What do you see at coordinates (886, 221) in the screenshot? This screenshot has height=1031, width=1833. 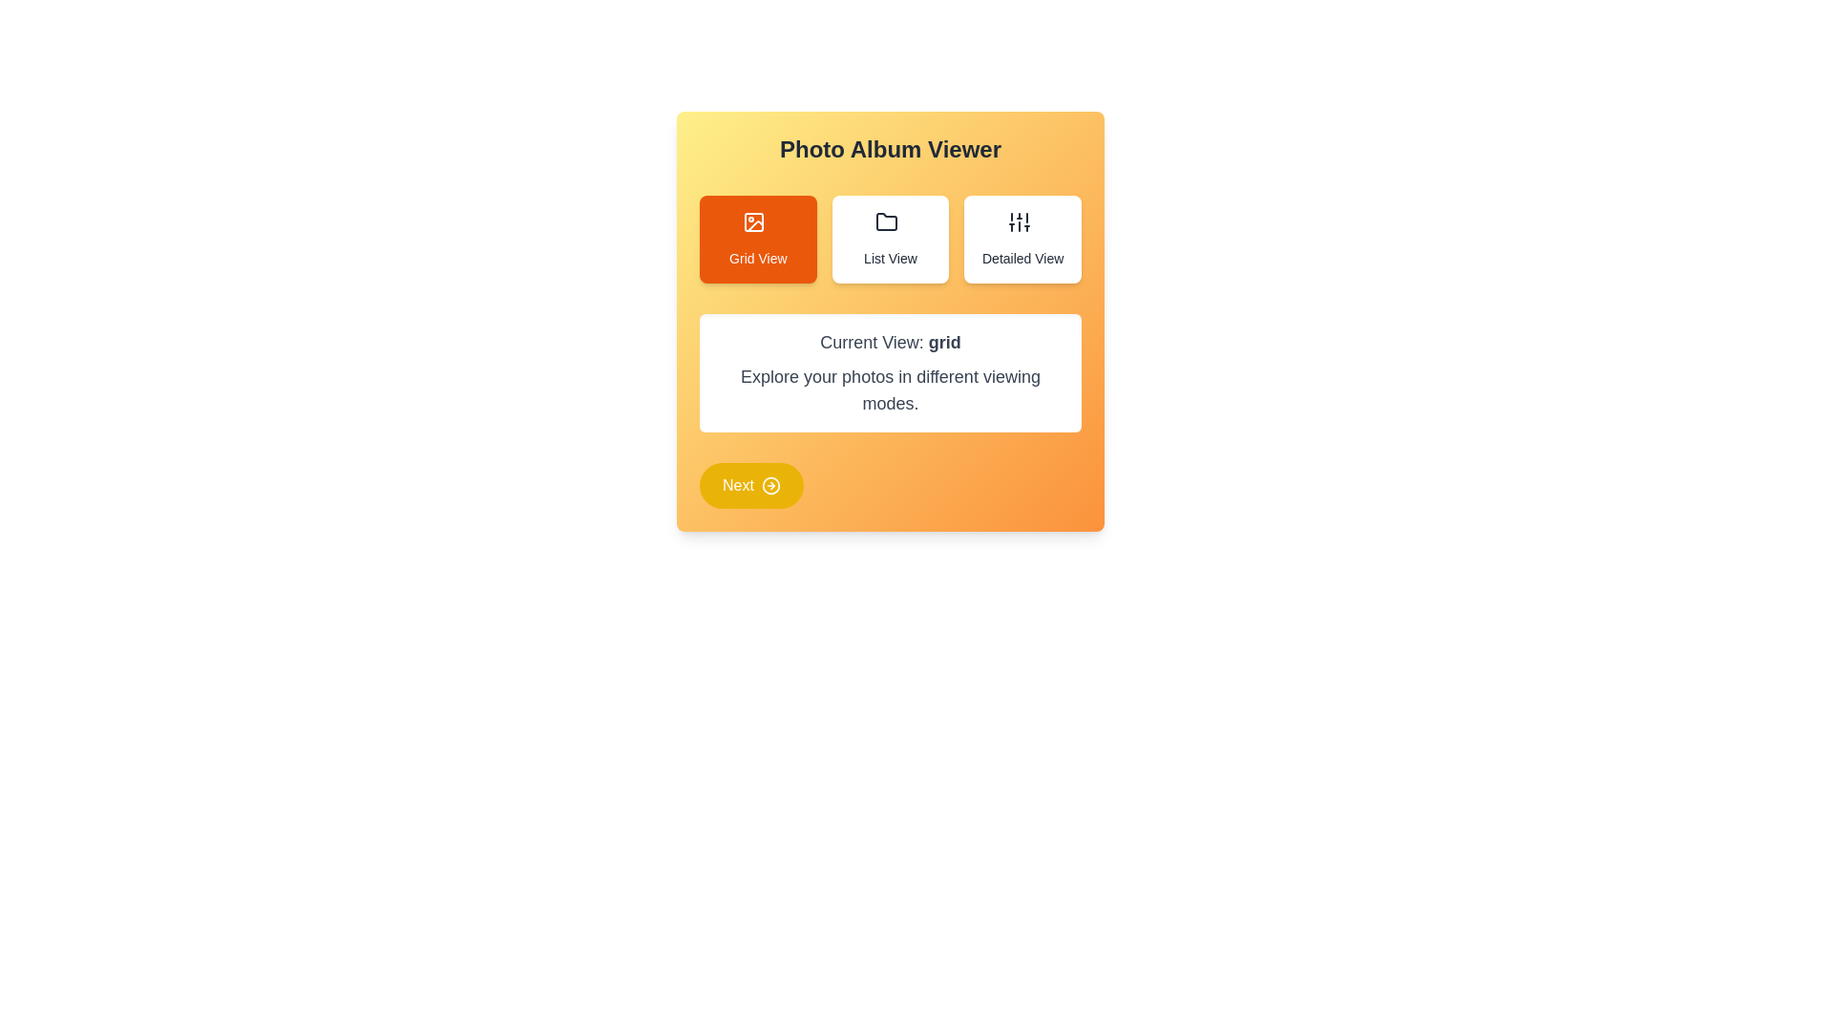 I see `the 'List View' icon, which is a folder-shaped icon located in the second column of viewing options at the top center of the interface` at bounding box center [886, 221].